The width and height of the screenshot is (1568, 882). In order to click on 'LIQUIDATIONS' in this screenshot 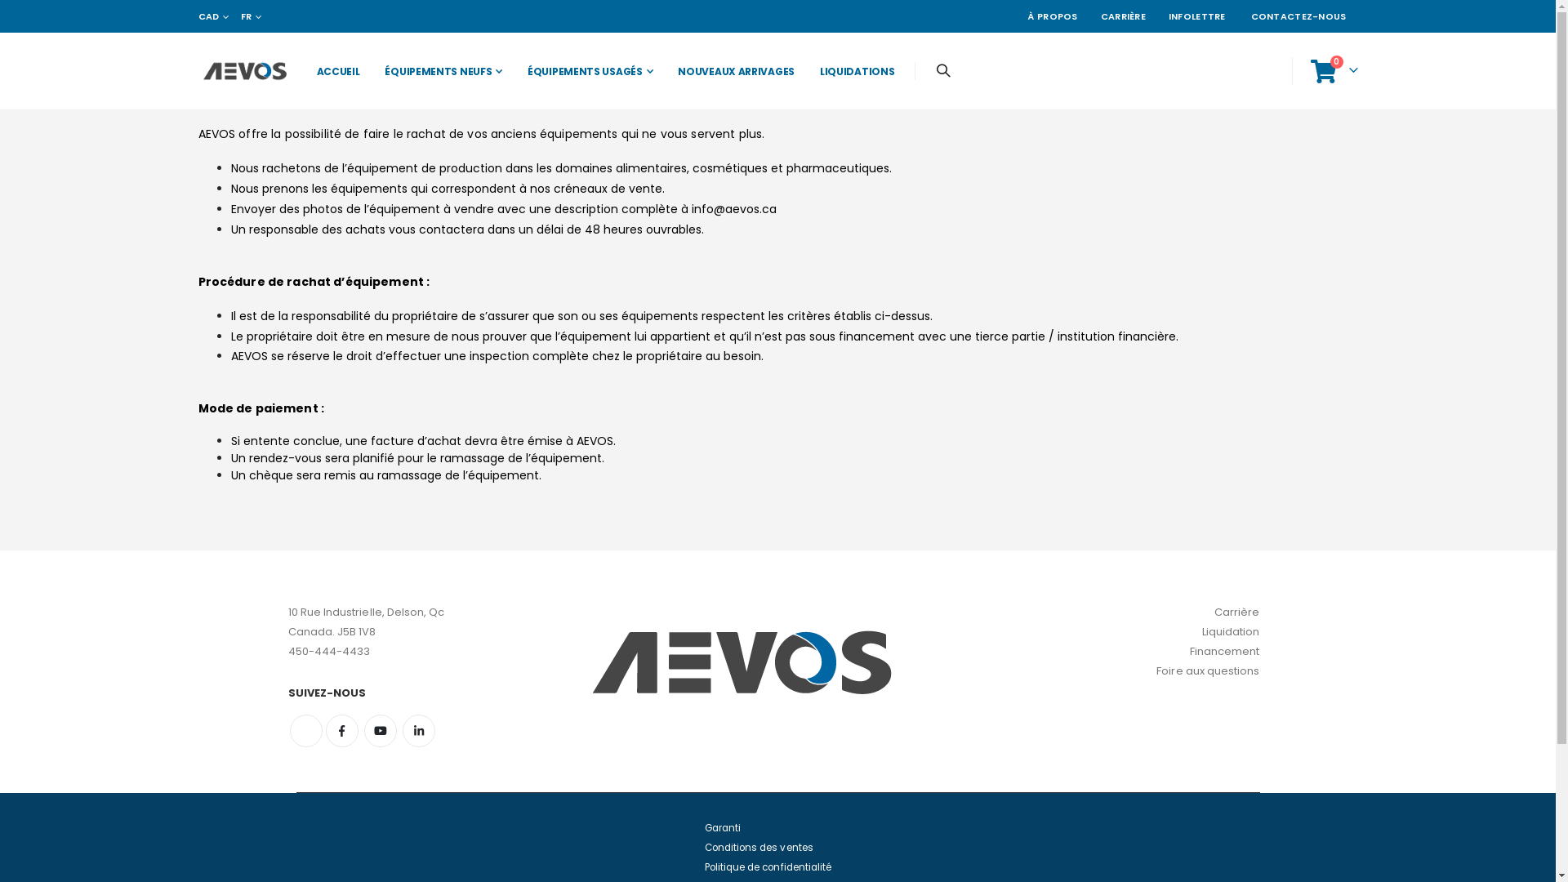, I will do `click(803, 70)`.